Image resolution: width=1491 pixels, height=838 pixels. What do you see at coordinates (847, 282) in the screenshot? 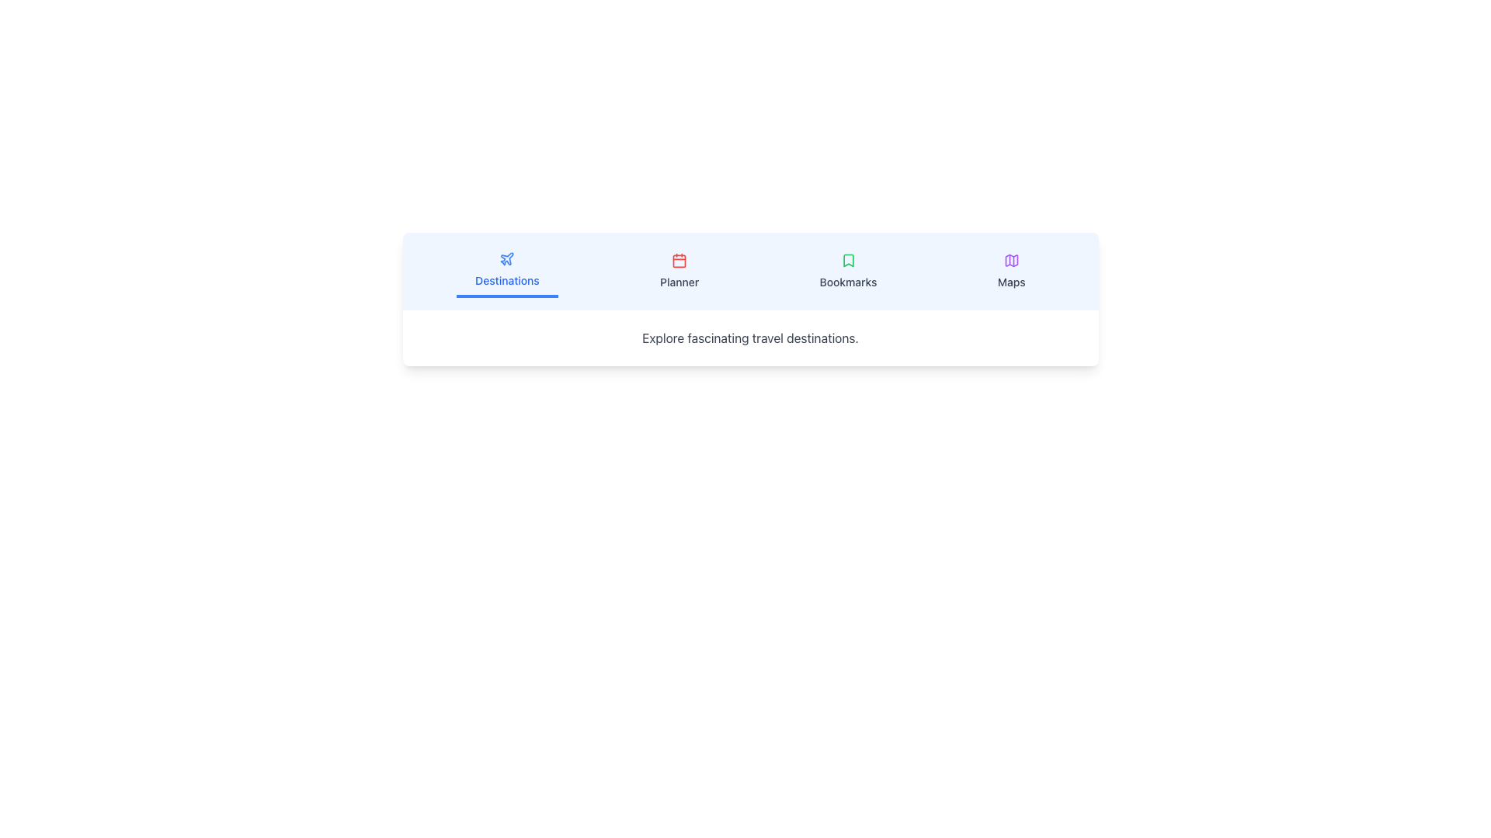
I see `the text label that serves as a navigation option, positioned centrally below the bookmark icon in the UI` at bounding box center [847, 282].